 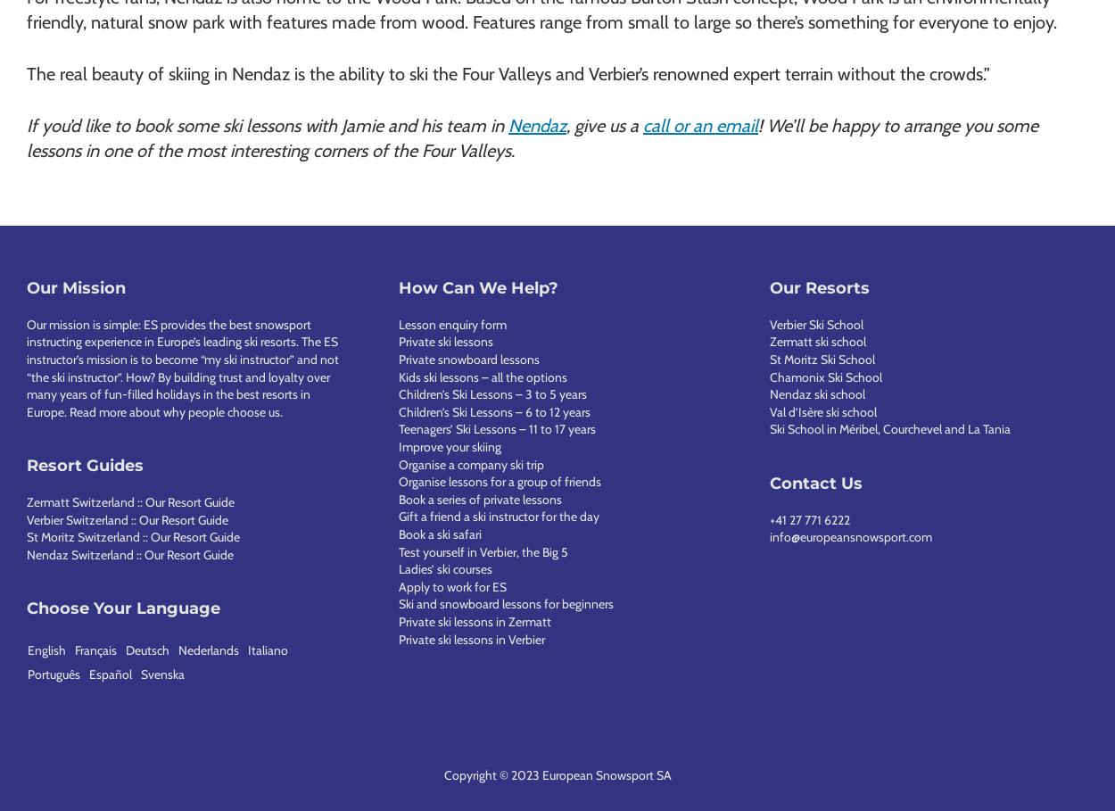 What do you see at coordinates (27, 518) in the screenshot?
I see `'Verbier Switzerland :: Our Resort Guide'` at bounding box center [27, 518].